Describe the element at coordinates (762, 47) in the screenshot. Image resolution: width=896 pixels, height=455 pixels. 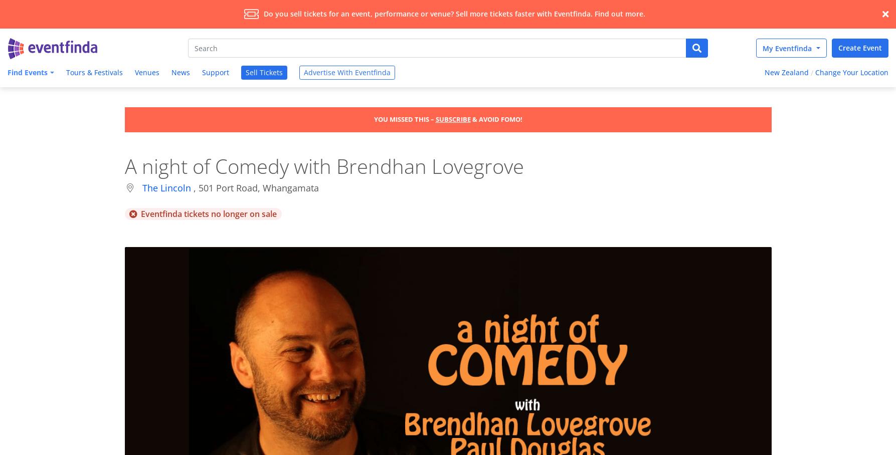
I see `'My Eventfinda'` at that location.